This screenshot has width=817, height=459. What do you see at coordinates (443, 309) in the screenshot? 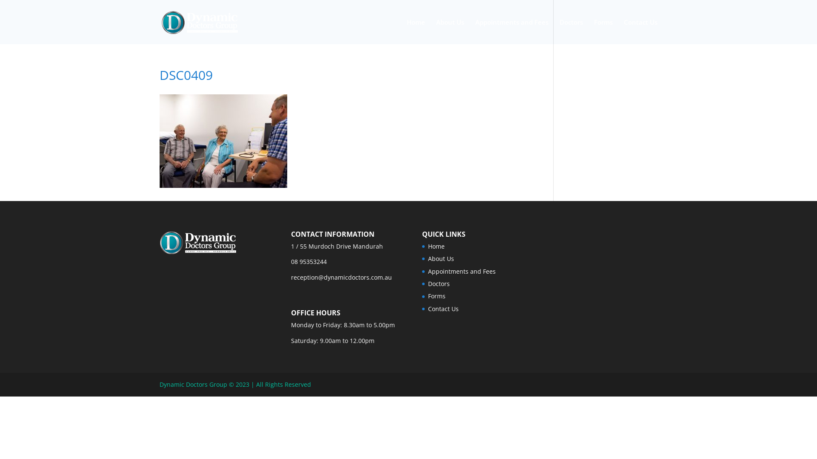
I see `'Contact Us'` at bounding box center [443, 309].